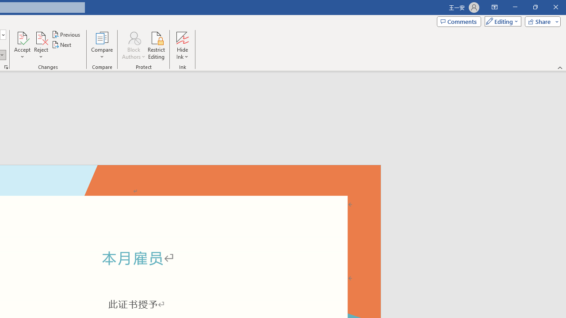 This screenshot has width=566, height=318. I want to click on 'Block Authors', so click(133, 45).